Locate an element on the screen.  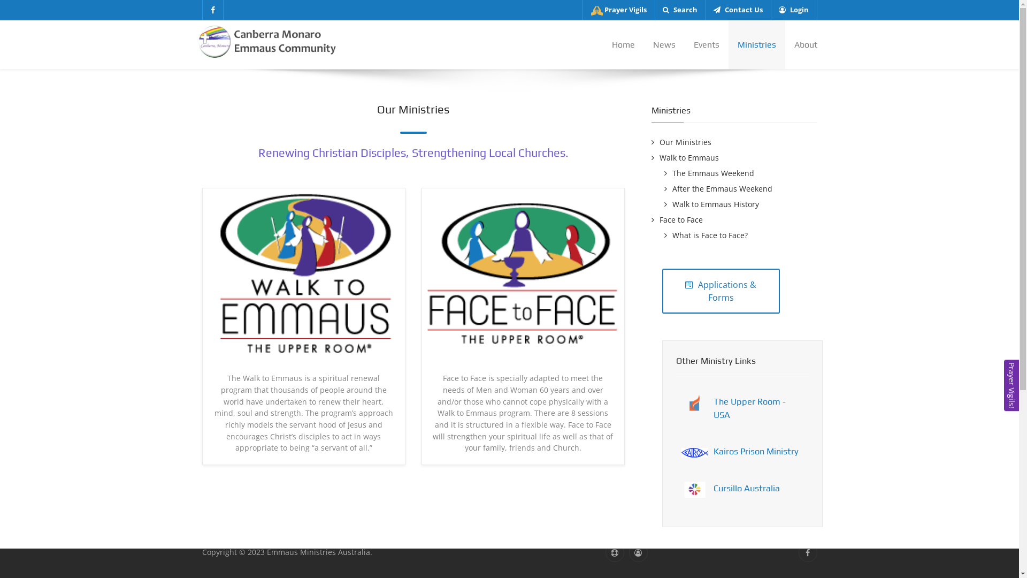
'Contact Us' is located at coordinates (705, 10).